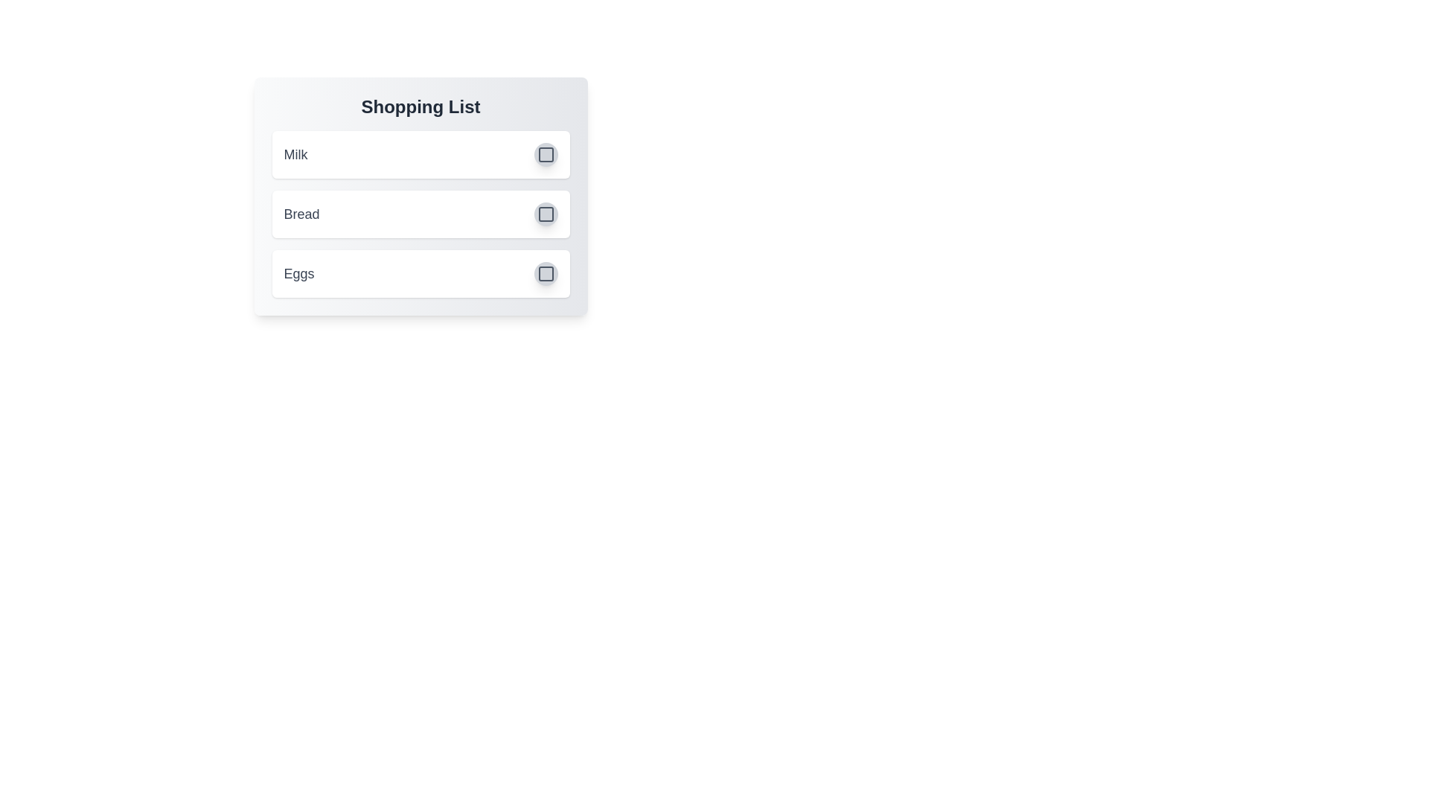 This screenshot has width=1429, height=804. What do you see at coordinates (420, 155) in the screenshot?
I see `the list item Milk to observe the hover effect` at bounding box center [420, 155].